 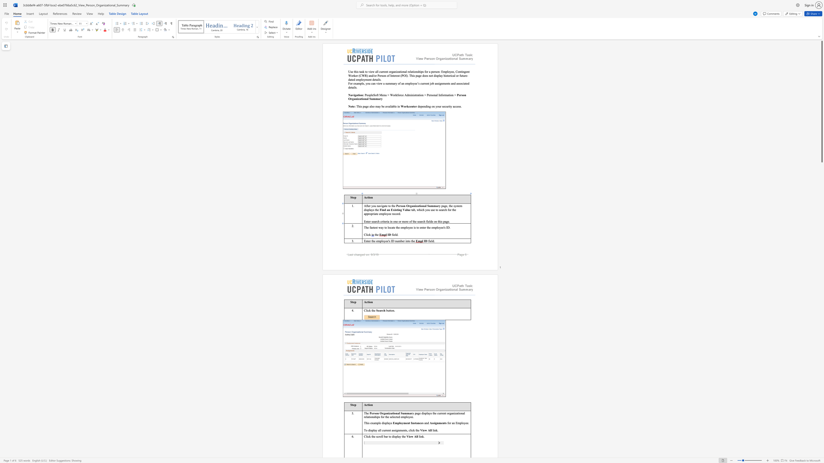 What do you see at coordinates (379, 430) in the screenshot?
I see `the space between the continuous character "a" and "l" in the text` at bounding box center [379, 430].